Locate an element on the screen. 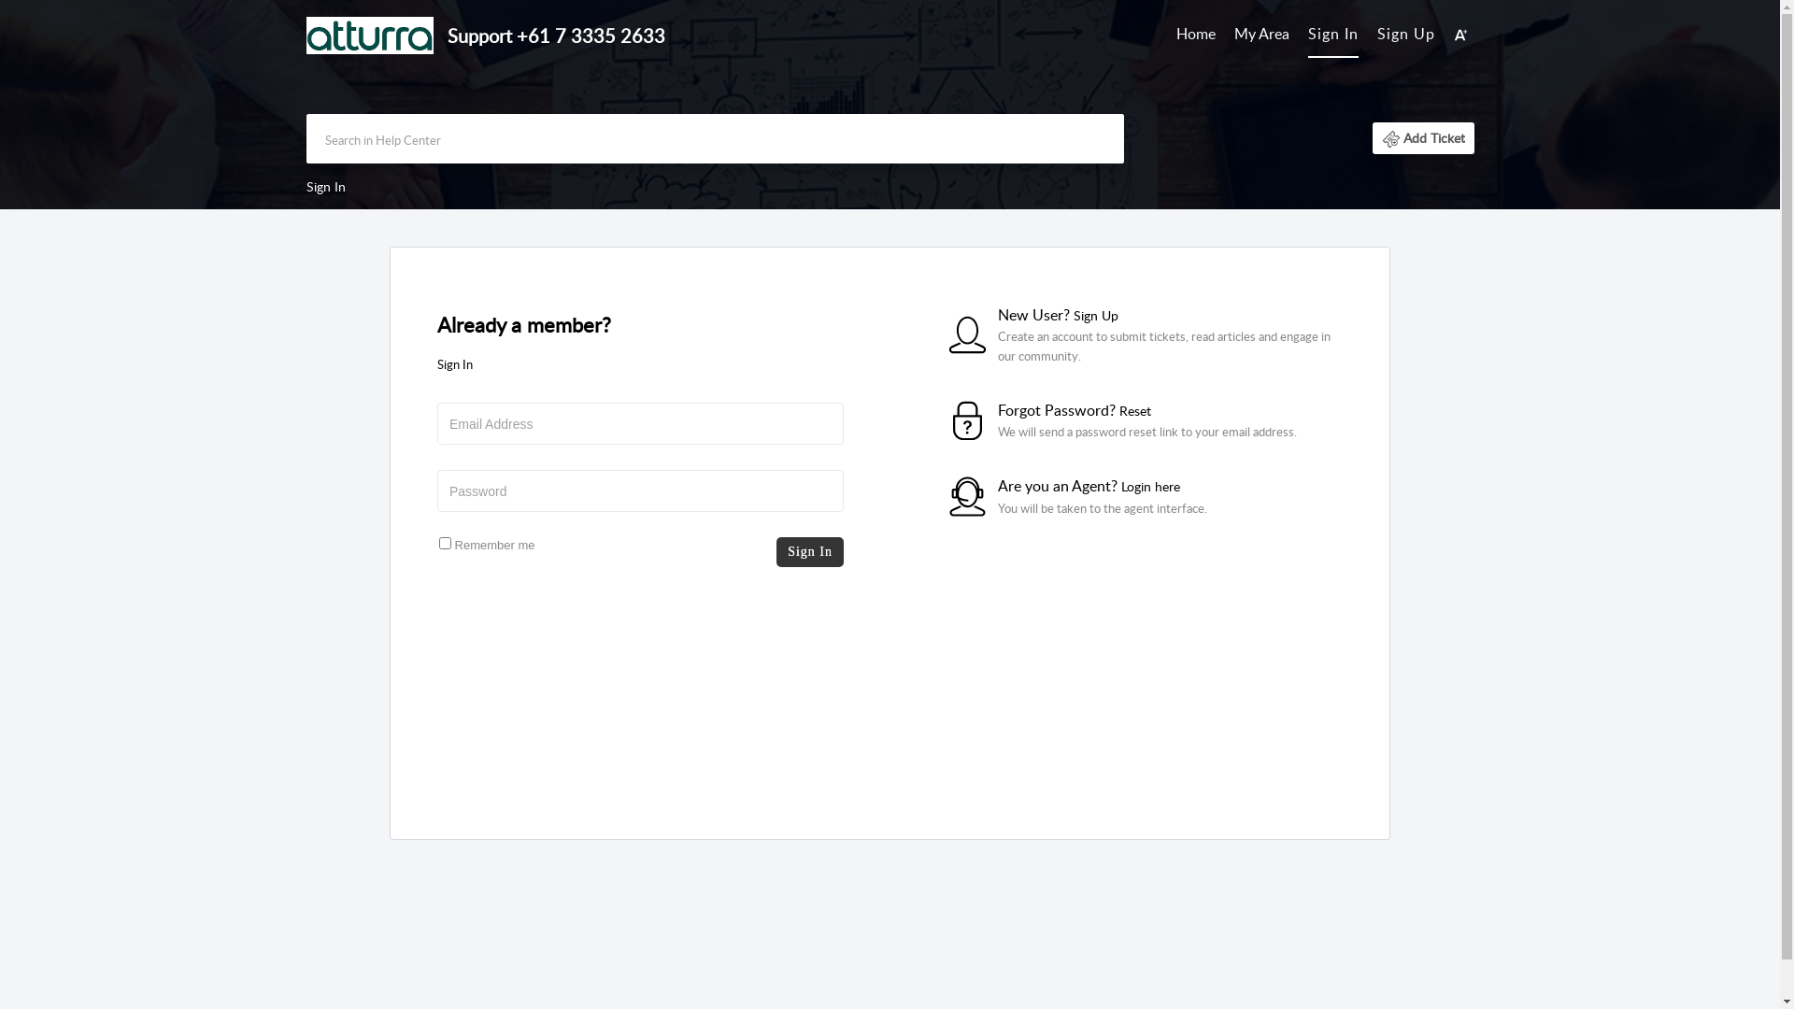  'Reset' is located at coordinates (1133, 409).